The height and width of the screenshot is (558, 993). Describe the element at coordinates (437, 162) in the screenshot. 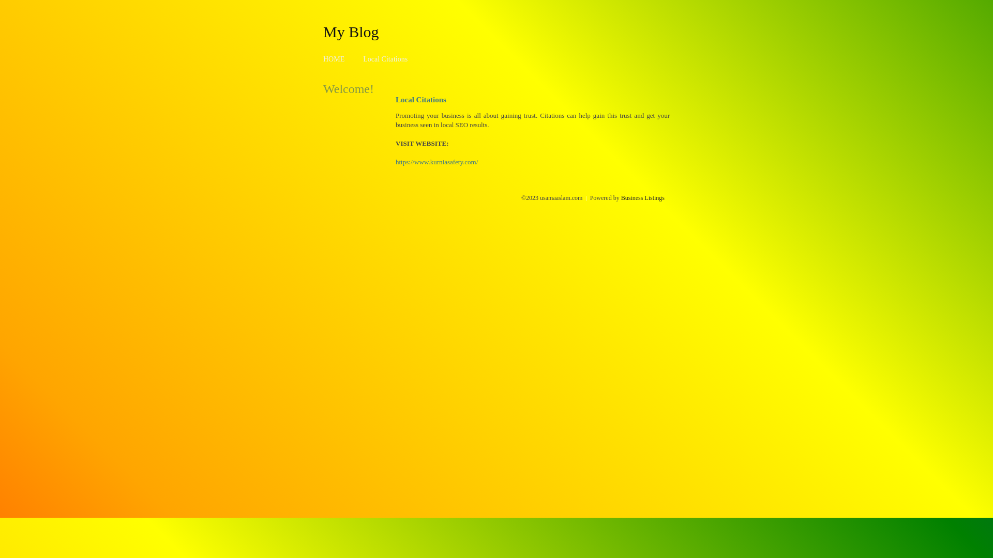

I see `'https://www.kurniasafety.com/'` at that location.